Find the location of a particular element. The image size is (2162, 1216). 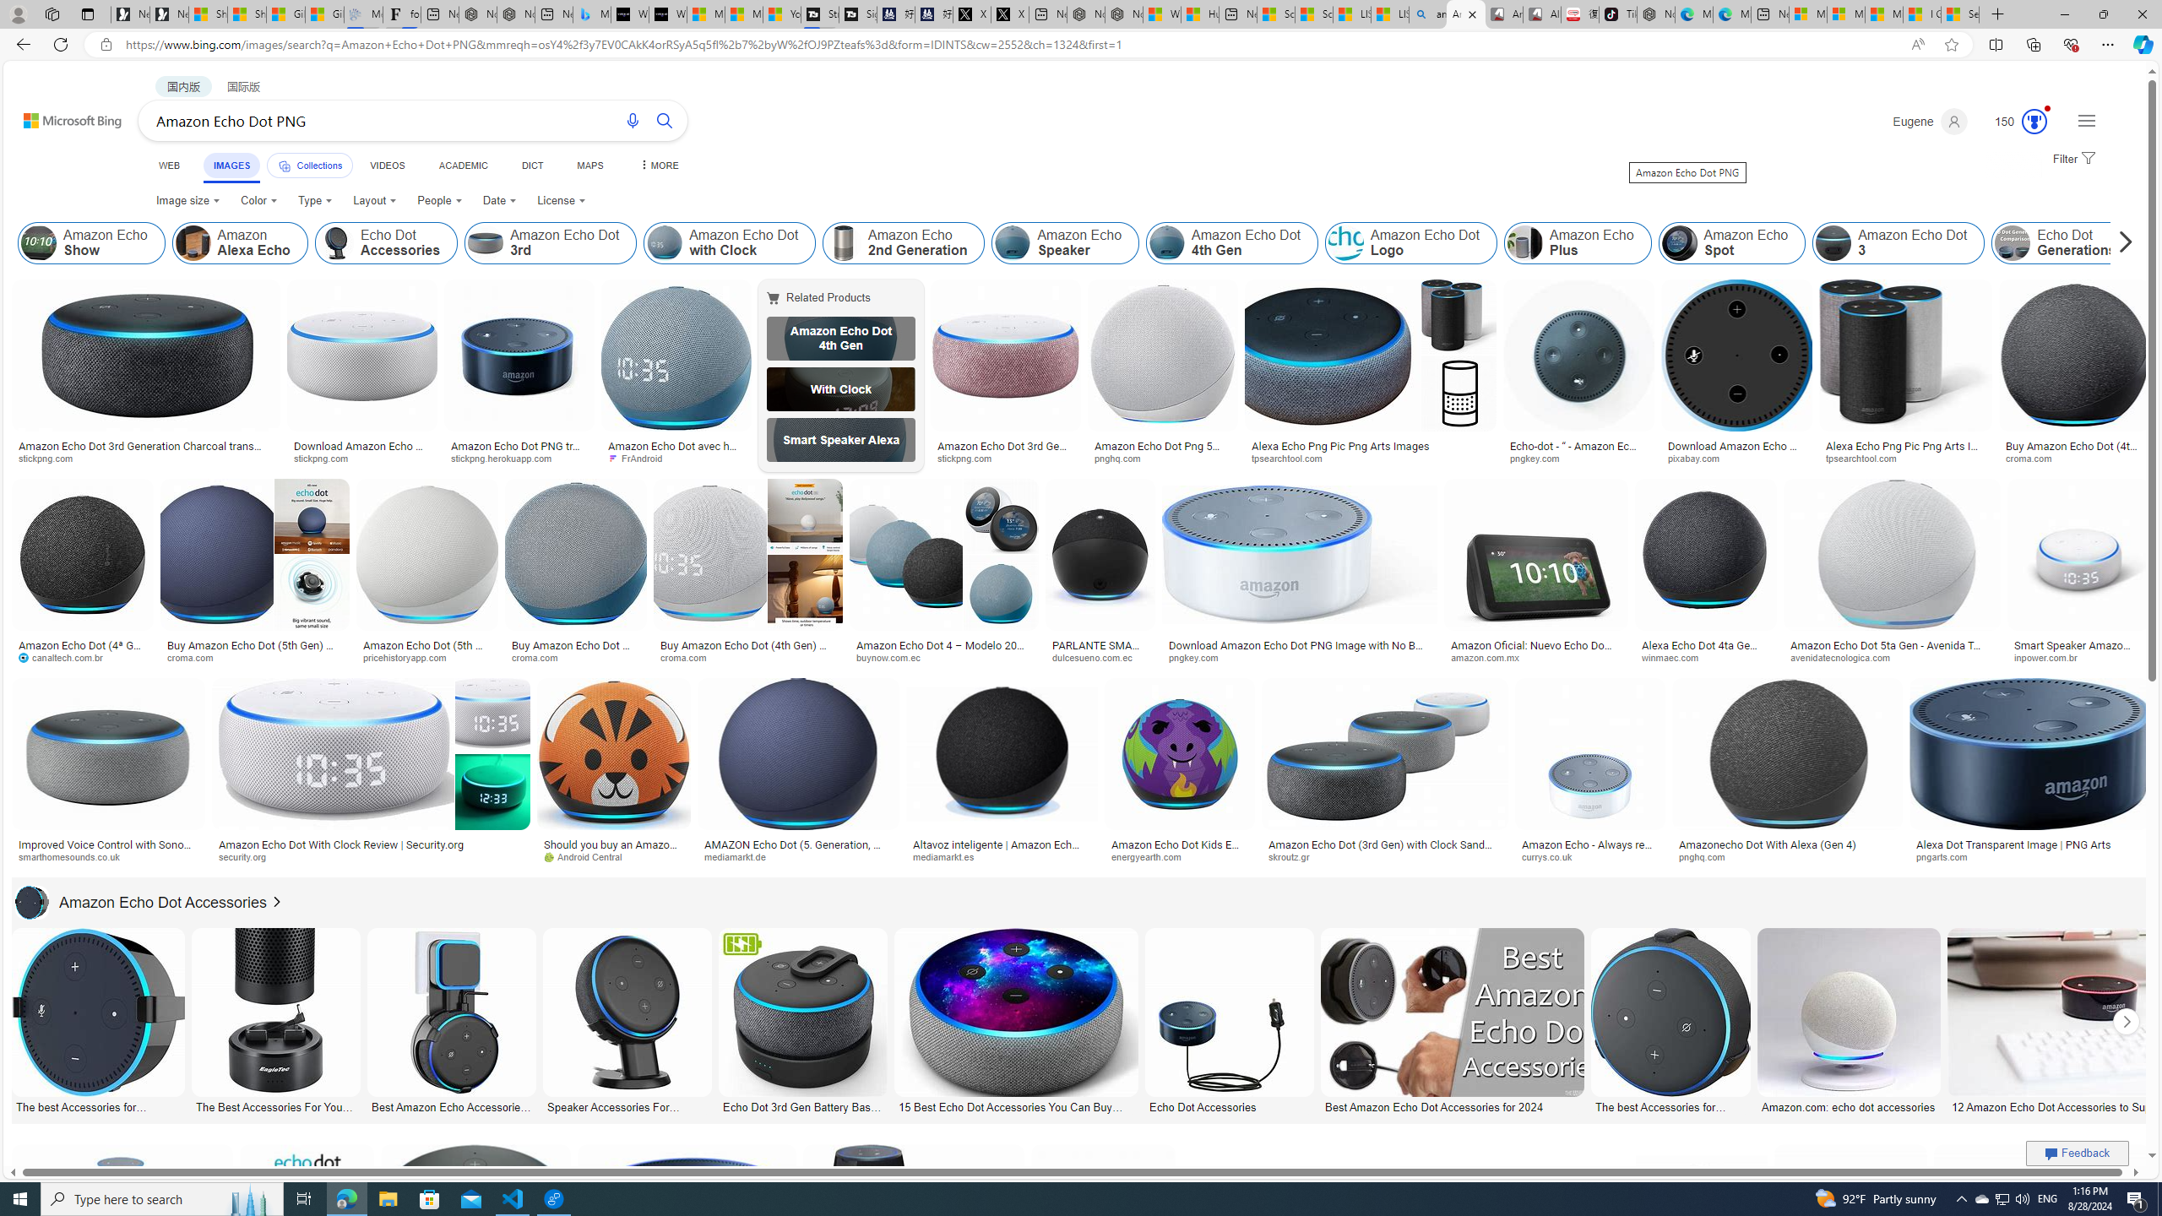

'Alexa Echo Png Pic Png Arts Imagestpsearchtool.comSave' is located at coordinates (1373, 375).